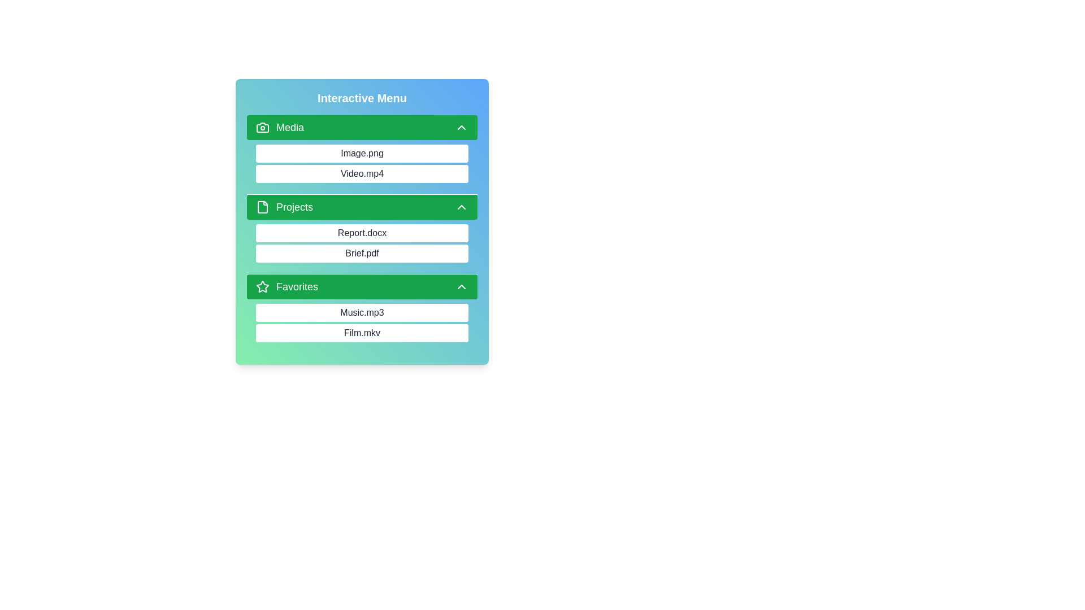 This screenshot has height=610, width=1085. I want to click on the item Image.png from the category Media, so click(255, 154).